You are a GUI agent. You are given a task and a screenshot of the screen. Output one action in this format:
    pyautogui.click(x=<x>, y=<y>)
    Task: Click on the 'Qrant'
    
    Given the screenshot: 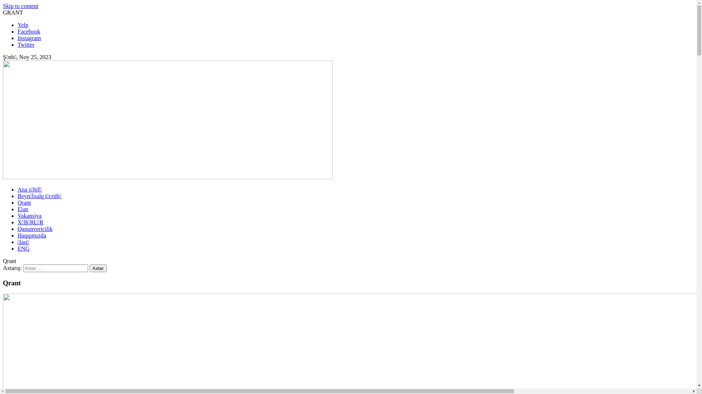 What is the action you would take?
    pyautogui.click(x=24, y=202)
    